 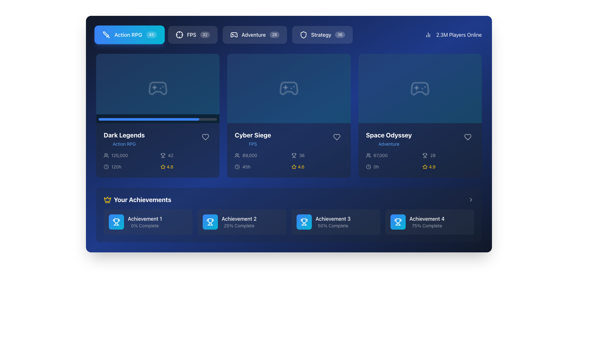 What do you see at coordinates (368, 155) in the screenshot?
I see `the icon representing users or players located to the left of the numerical text '67,000' in the third card labeled 'Space Odyssey'` at bounding box center [368, 155].